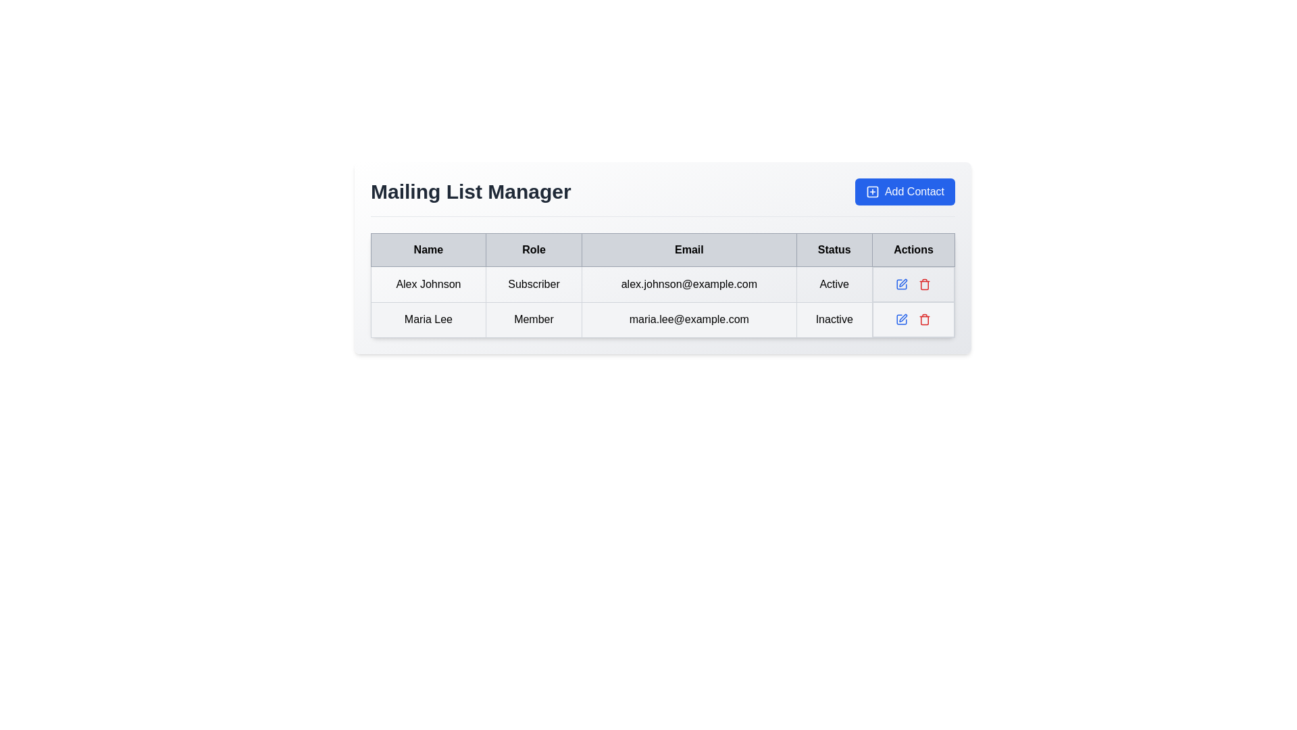 Image resolution: width=1297 pixels, height=730 pixels. Describe the element at coordinates (689, 320) in the screenshot. I see `the Text Display element containing the email 'maria.lee@example.com', which is located in the second row under the 'Email' column` at that location.